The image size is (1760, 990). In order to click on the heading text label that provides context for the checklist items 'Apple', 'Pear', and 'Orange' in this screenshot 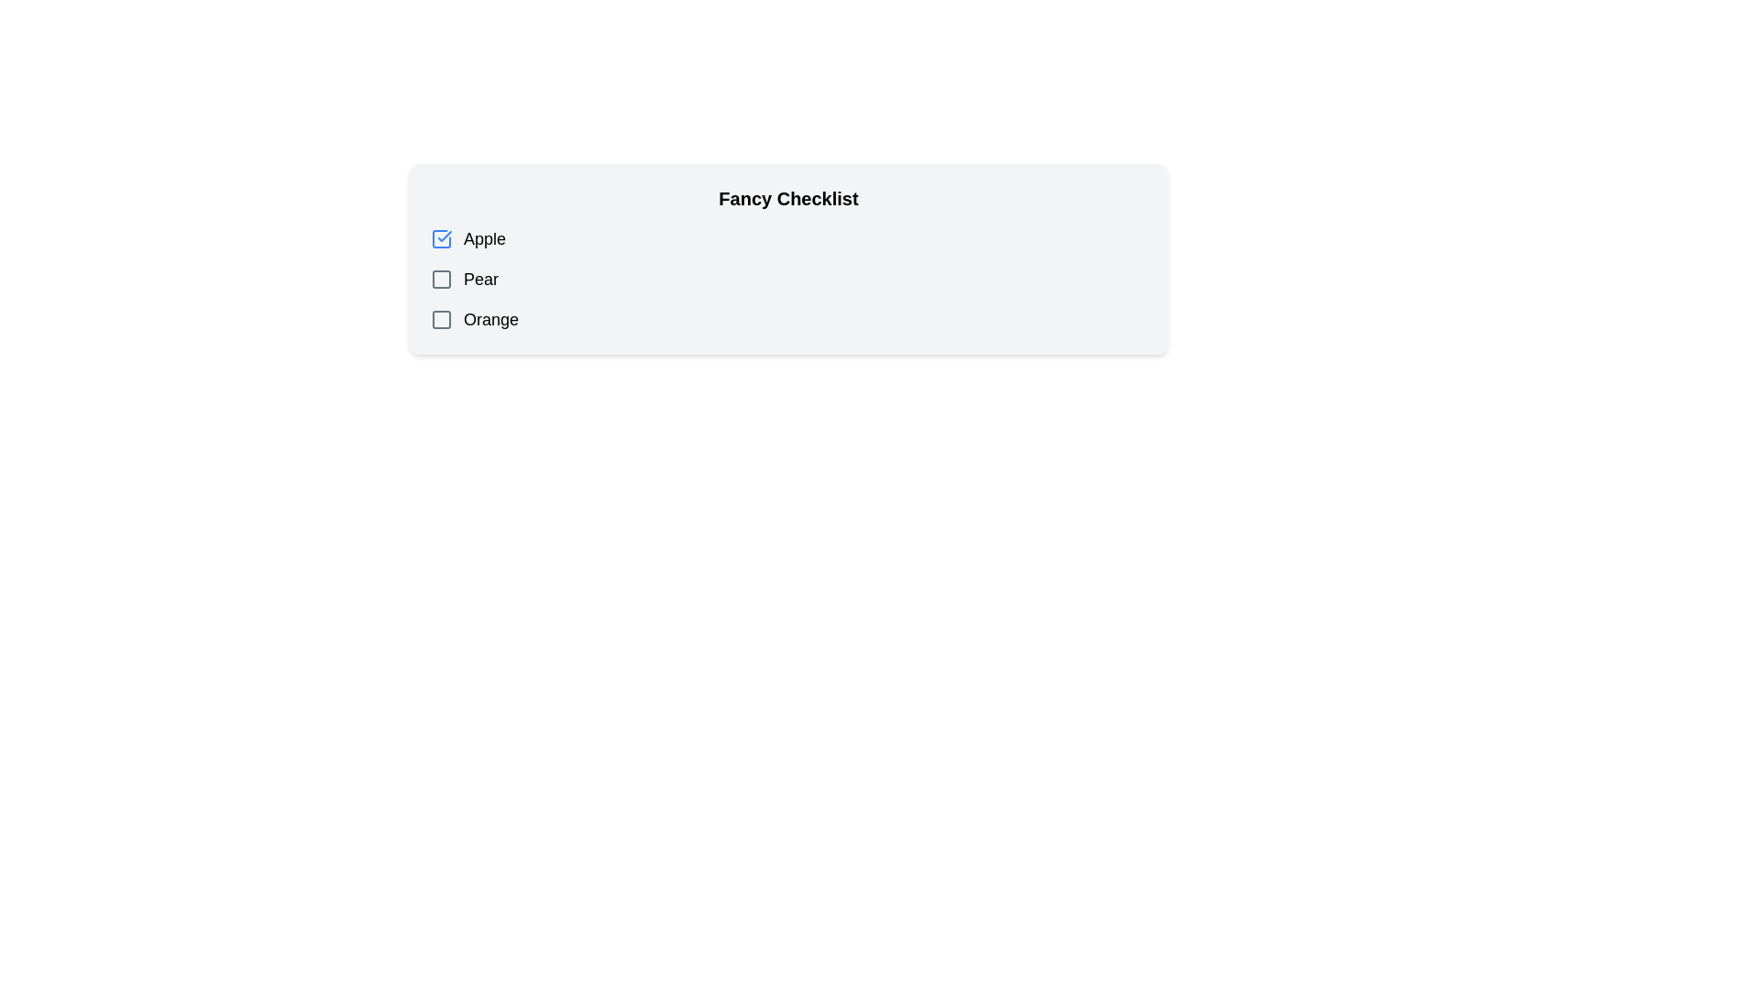, I will do `click(788, 198)`.